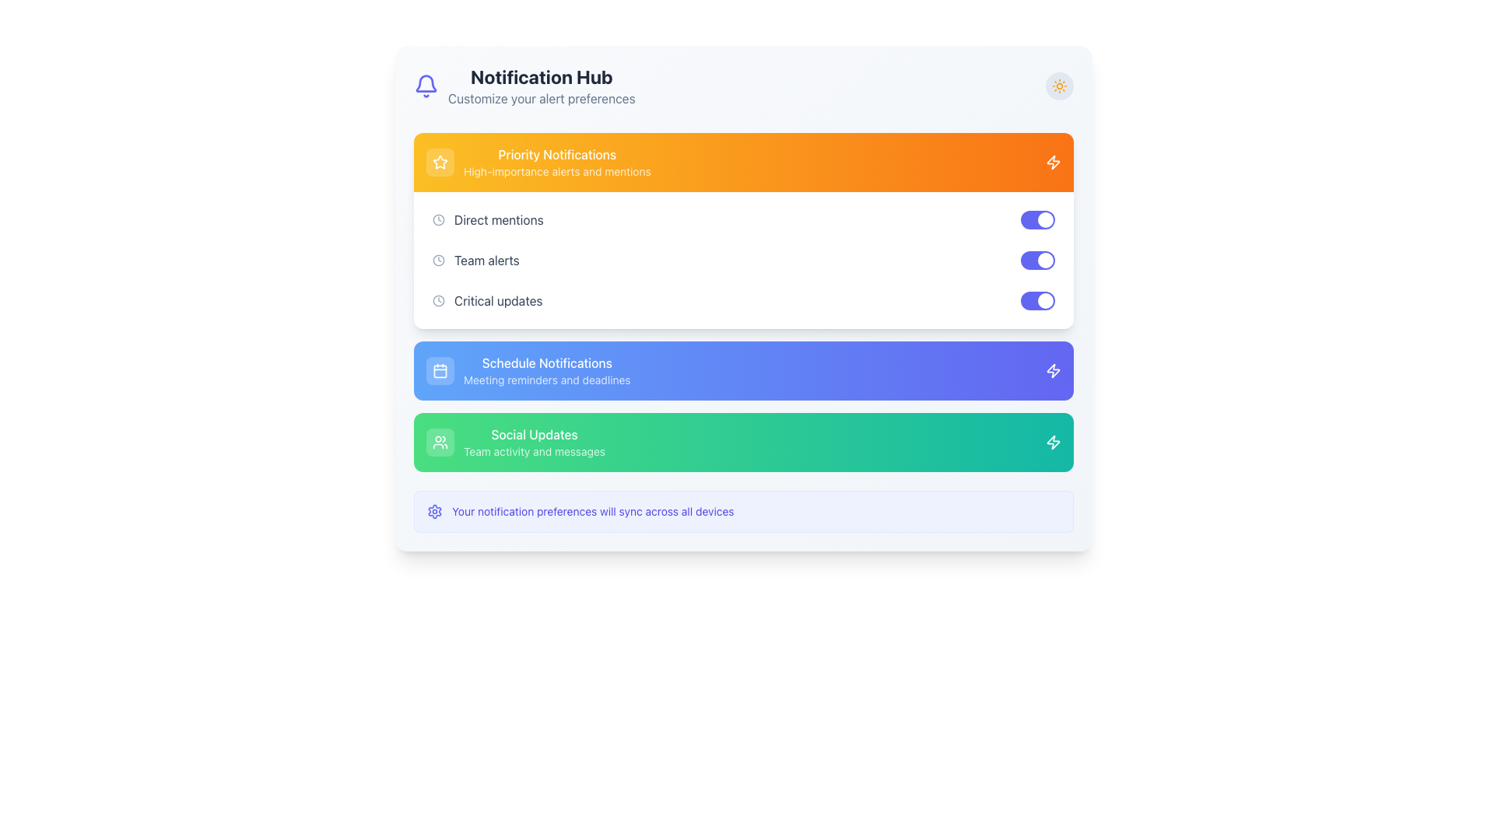 This screenshot has width=1494, height=840. I want to click on the toggle switch for 'Critical updates' in the 'Priority Notifications' section, so click(1038, 300).